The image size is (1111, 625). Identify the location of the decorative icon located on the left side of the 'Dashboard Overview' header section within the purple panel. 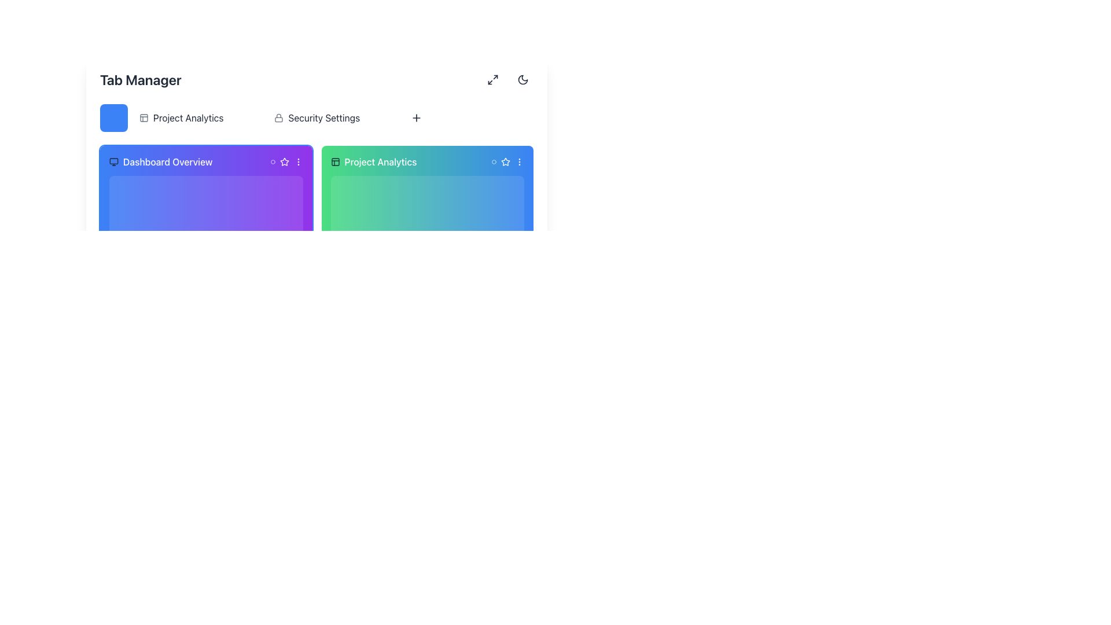
(113, 162).